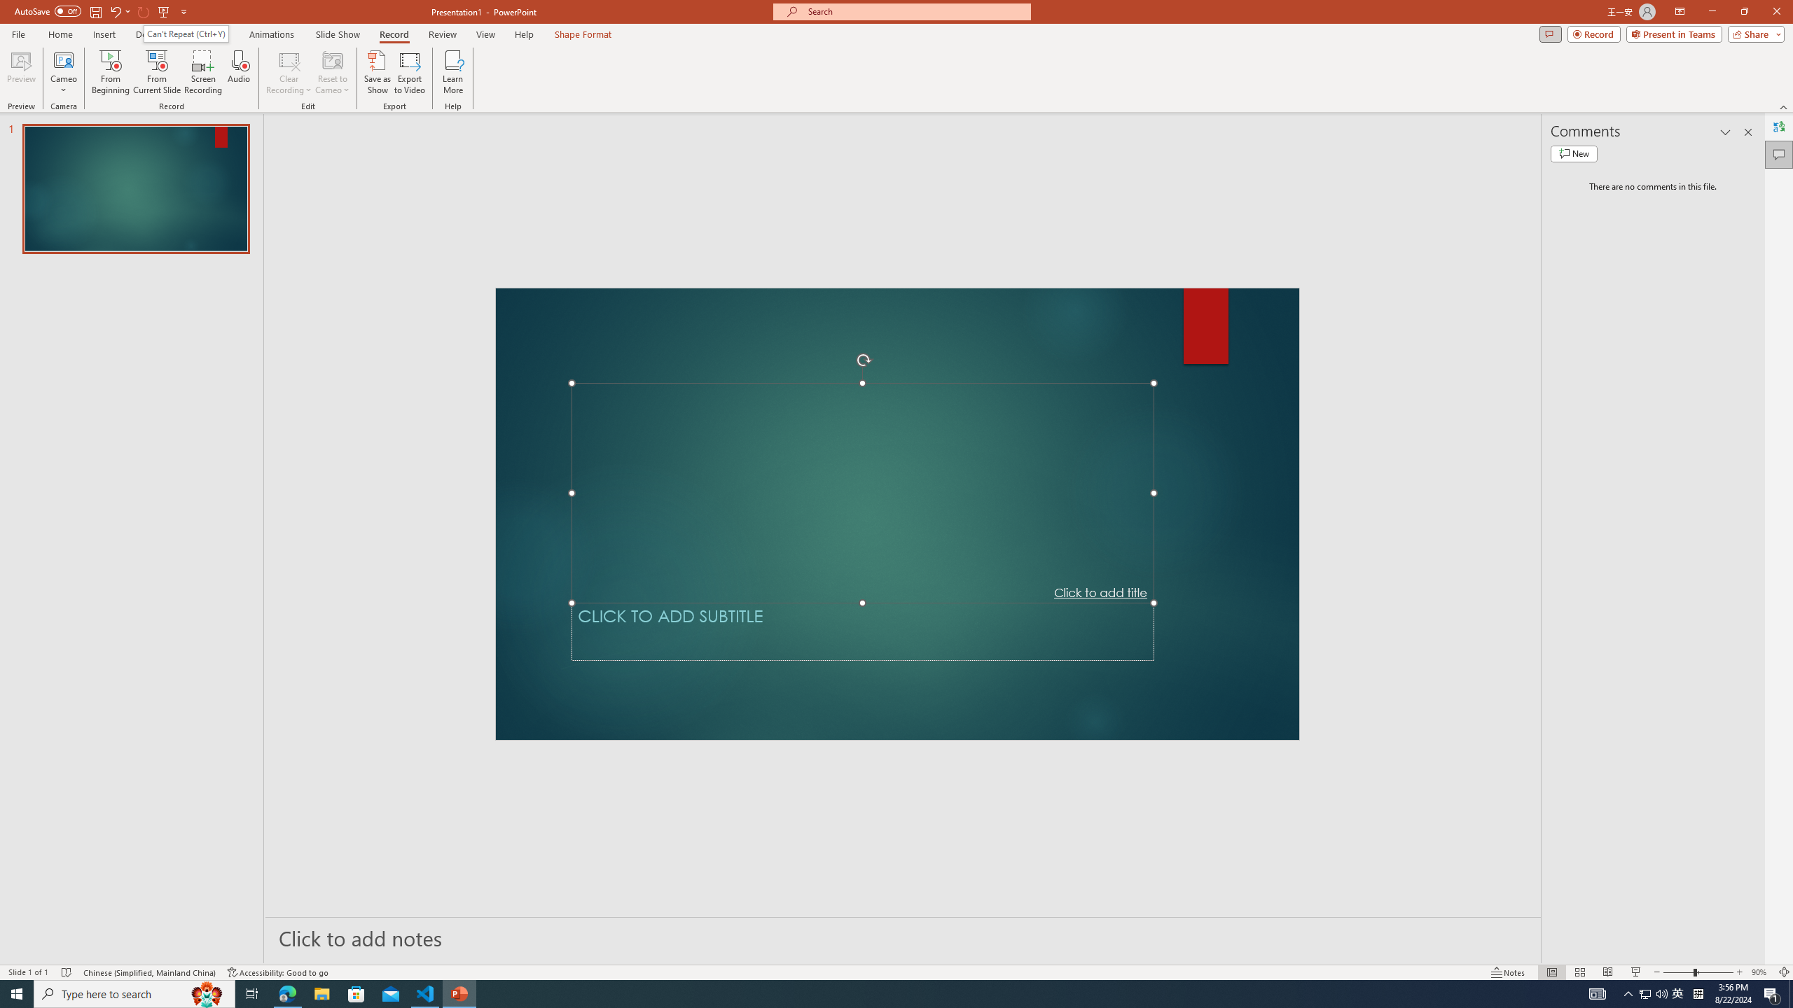  I want to click on 'Save as Show', so click(377, 72).